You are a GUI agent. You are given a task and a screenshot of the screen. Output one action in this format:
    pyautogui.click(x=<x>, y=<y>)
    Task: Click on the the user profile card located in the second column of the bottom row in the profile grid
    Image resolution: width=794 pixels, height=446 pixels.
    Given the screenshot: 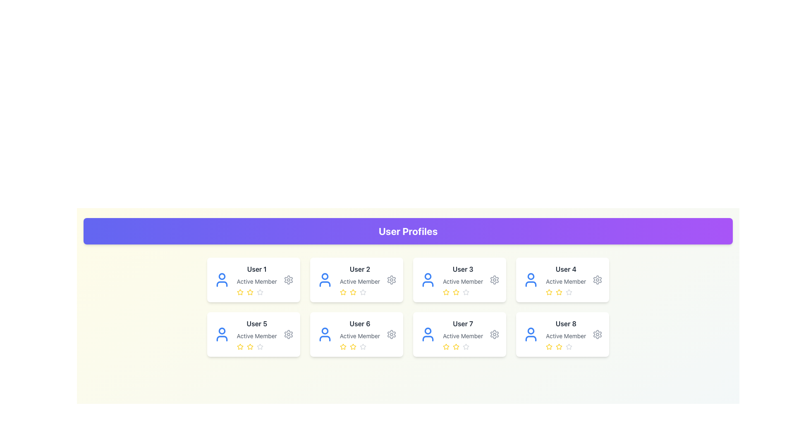 What is the action you would take?
    pyautogui.click(x=462, y=334)
    